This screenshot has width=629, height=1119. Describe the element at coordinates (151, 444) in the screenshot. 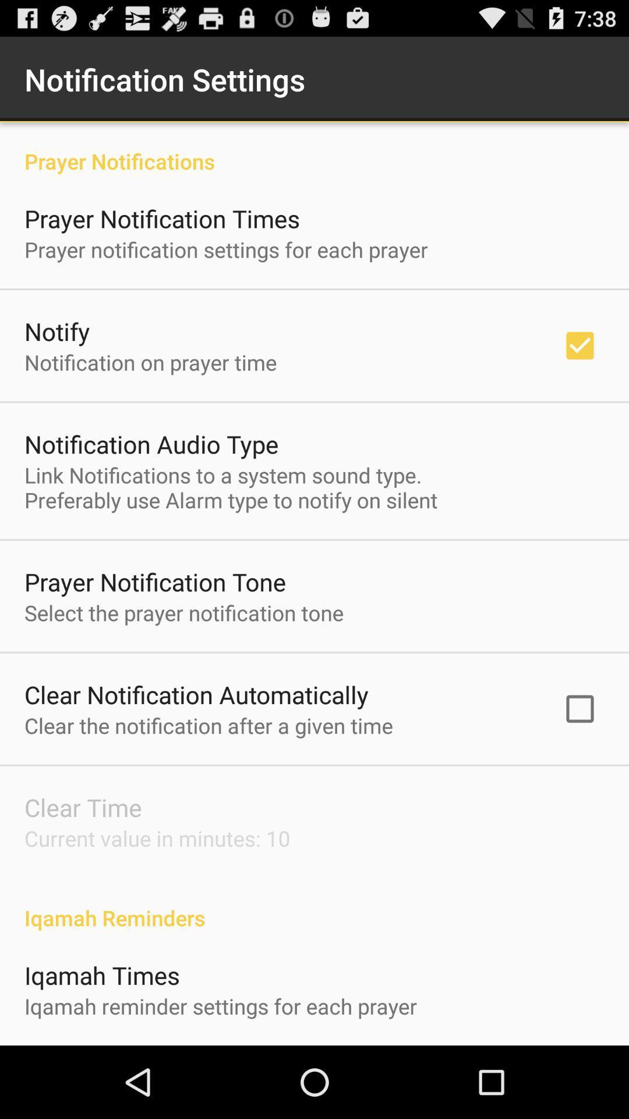

I see `the icon below notification on prayer icon` at that location.